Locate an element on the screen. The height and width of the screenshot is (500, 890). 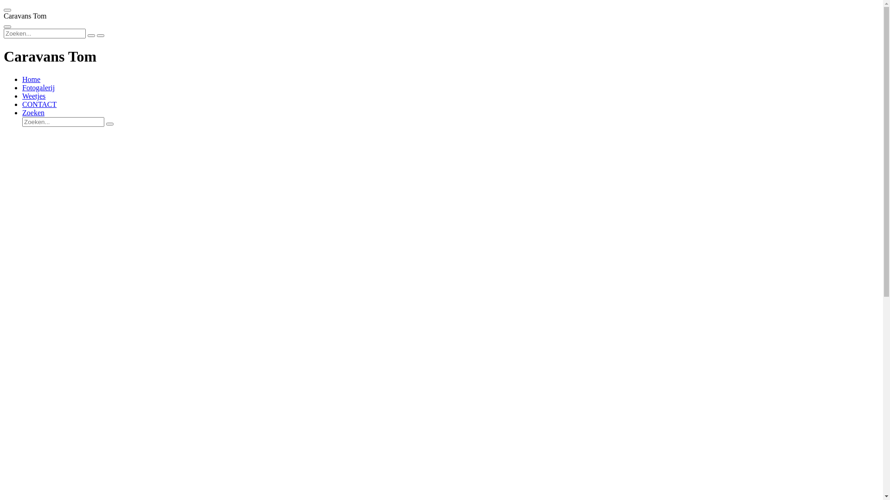
'Home' is located at coordinates (31, 79).